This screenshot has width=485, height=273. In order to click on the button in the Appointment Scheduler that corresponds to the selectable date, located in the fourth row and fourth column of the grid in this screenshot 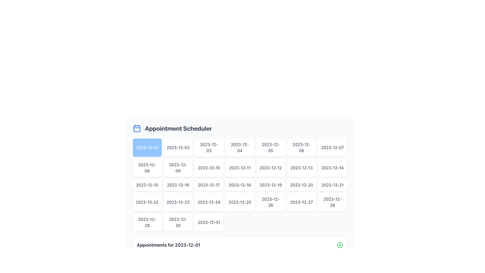, I will do `click(239, 202)`.